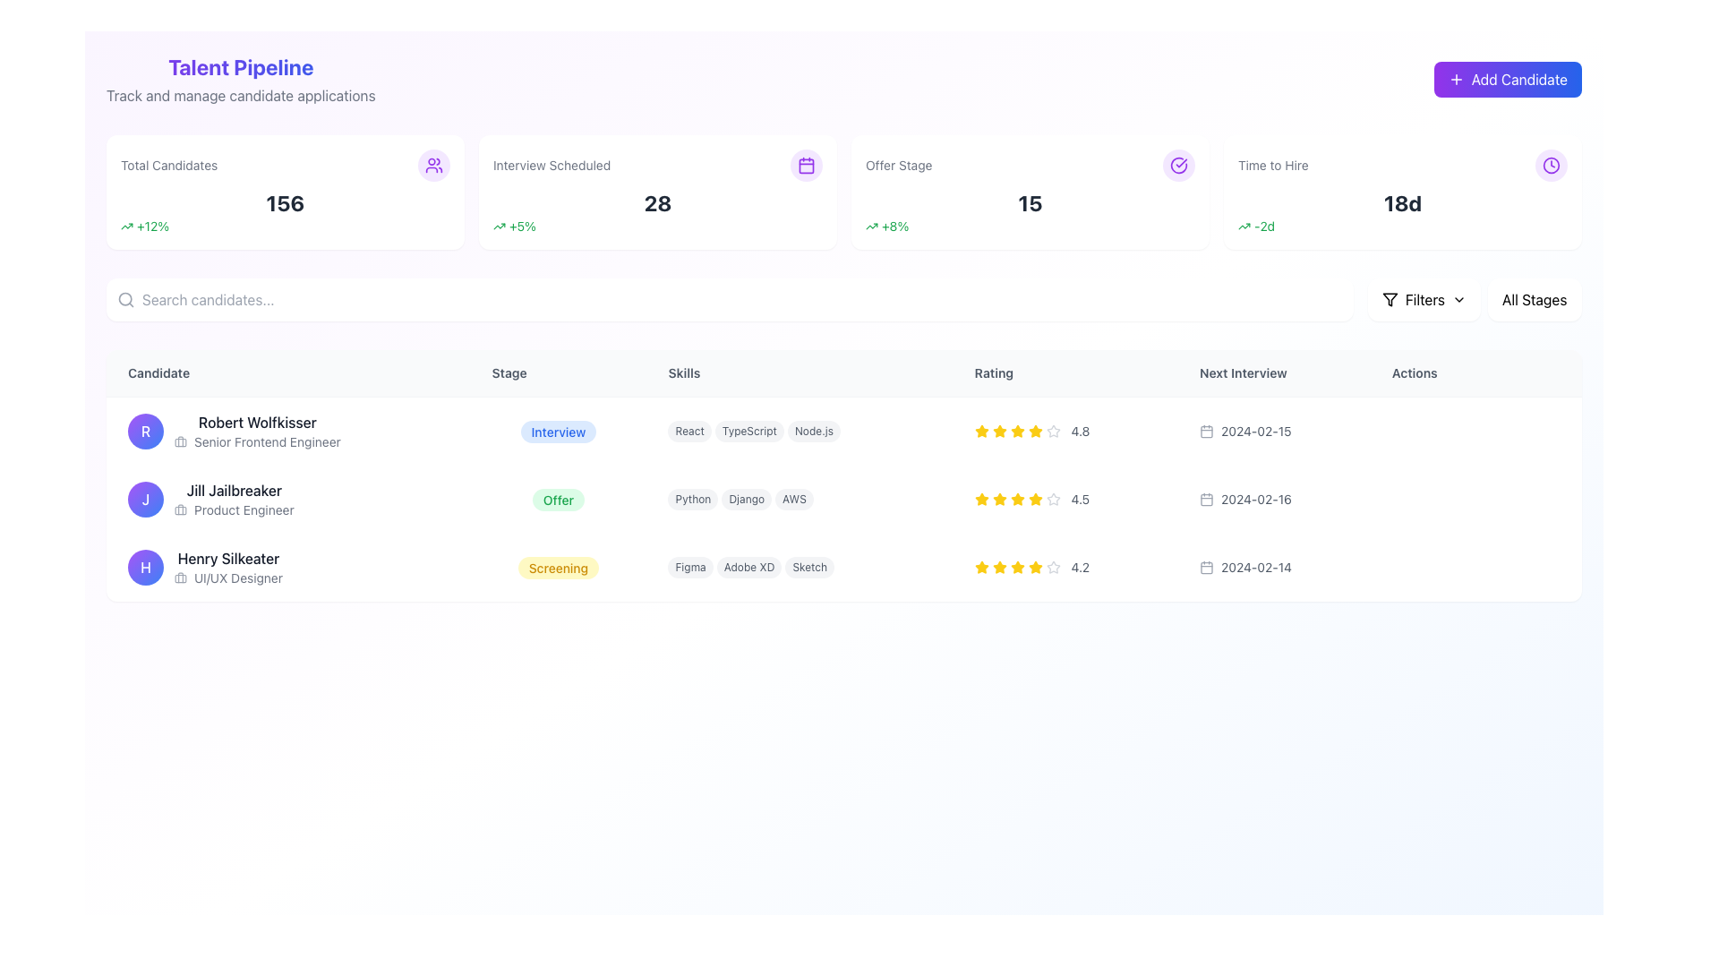 This screenshot has width=1719, height=967. Describe the element at coordinates (1017, 500) in the screenshot. I see `the fourth star icon in the 'Rating' column of the second row in the data table, which visually indicates a rating of 4.5` at that location.